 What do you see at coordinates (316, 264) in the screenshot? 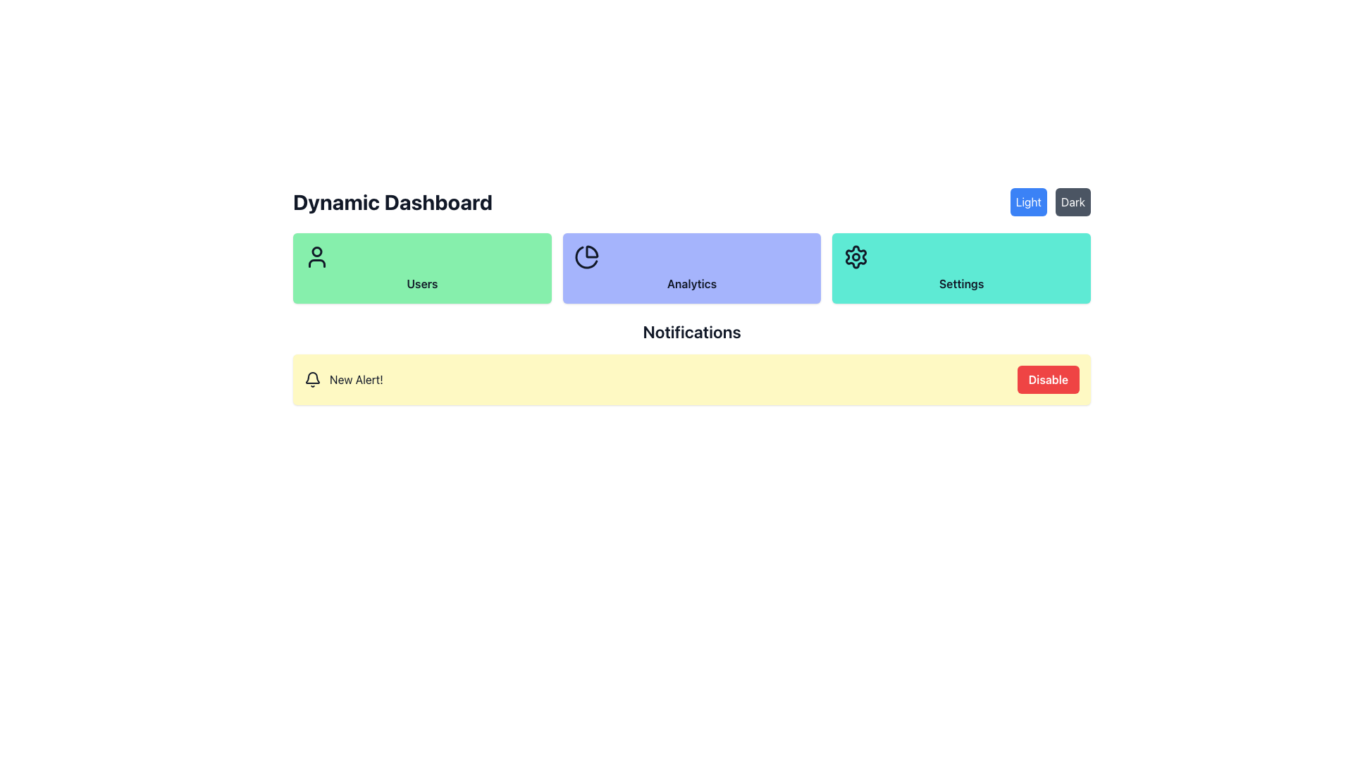
I see `the 'Users' button by clicking on its center, which is visually represented by the lower part of the user icon in the SVG graphic` at bounding box center [316, 264].